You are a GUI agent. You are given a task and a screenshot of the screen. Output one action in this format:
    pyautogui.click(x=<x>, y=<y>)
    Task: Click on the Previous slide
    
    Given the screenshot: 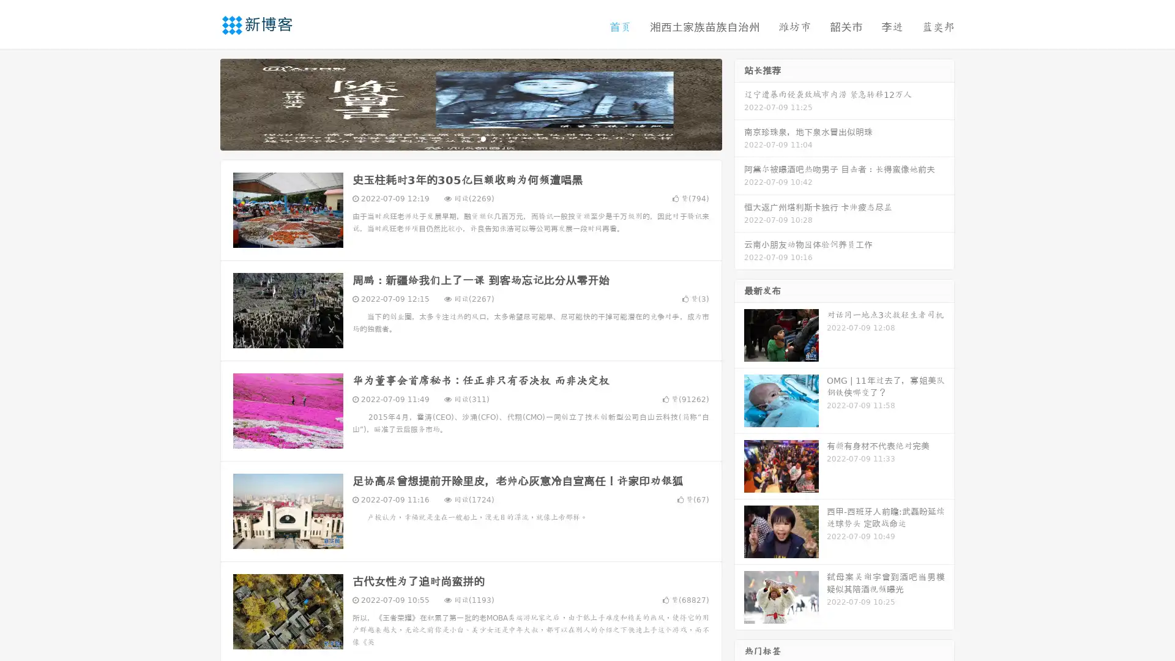 What is the action you would take?
    pyautogui.click(x=202, y=103)
    